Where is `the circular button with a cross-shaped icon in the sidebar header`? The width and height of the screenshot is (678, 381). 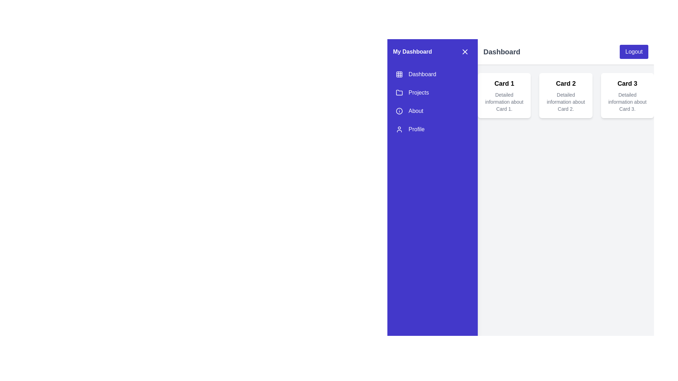 the circular button with a cross-shaped icon in the sidebar header is located at coordinates (465, 51).